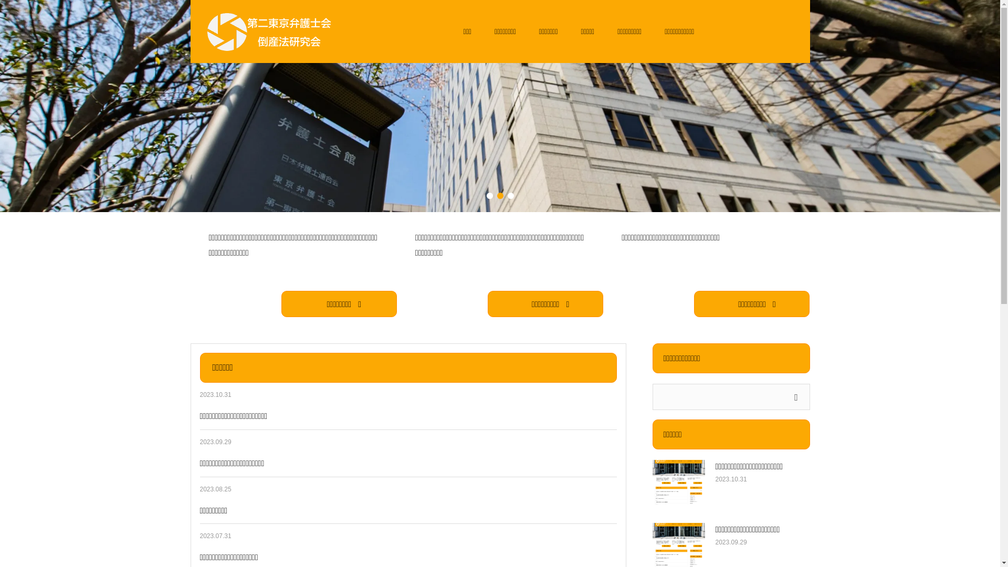  I want to click on '1', so click(486, 196).